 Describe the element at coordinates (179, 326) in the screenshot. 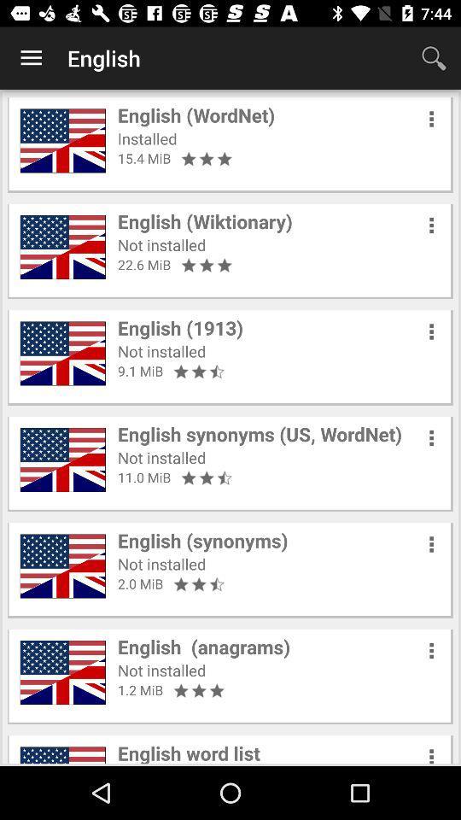

I see `the item above not installed item` at that location.